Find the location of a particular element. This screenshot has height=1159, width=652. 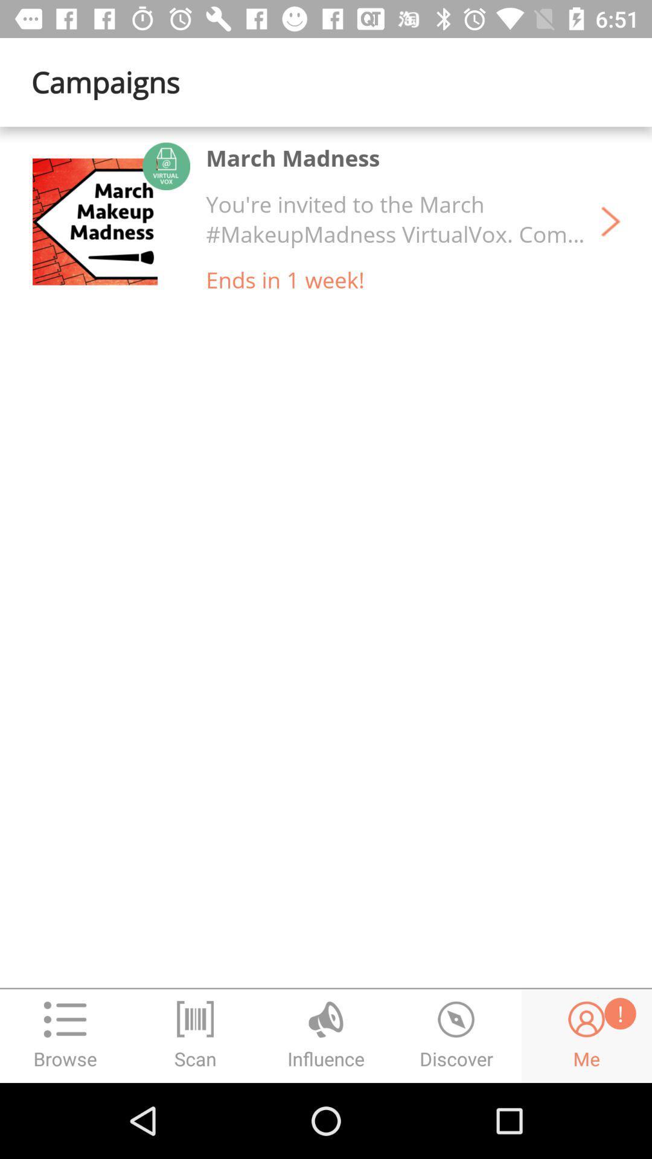

icon next to the march madness item is located at coordinates (94, 222).